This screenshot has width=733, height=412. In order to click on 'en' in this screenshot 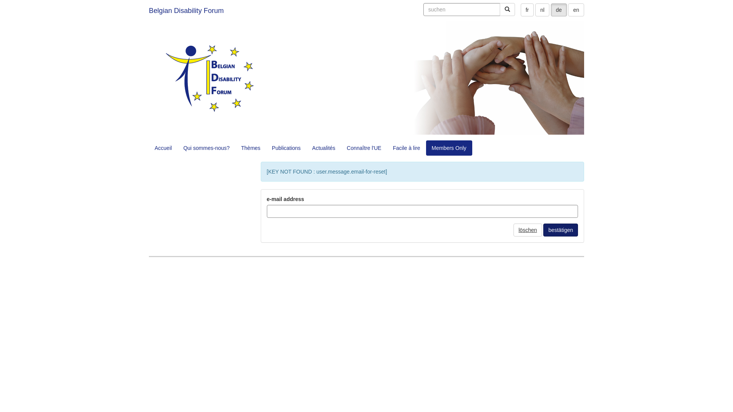, I will do `click(568, 10)`.